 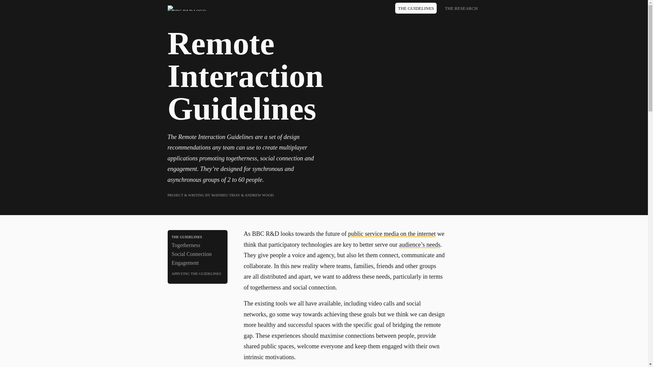 I want to click on 'Social Connection', so click(x=171, y=254).